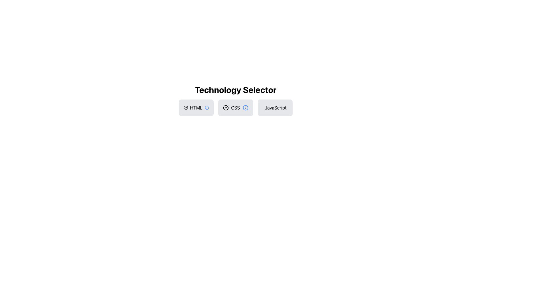  I want to click on the visual indicator icon confirming that the 'HTML' option is selected in the Technology Selector group, so click(185, 108).